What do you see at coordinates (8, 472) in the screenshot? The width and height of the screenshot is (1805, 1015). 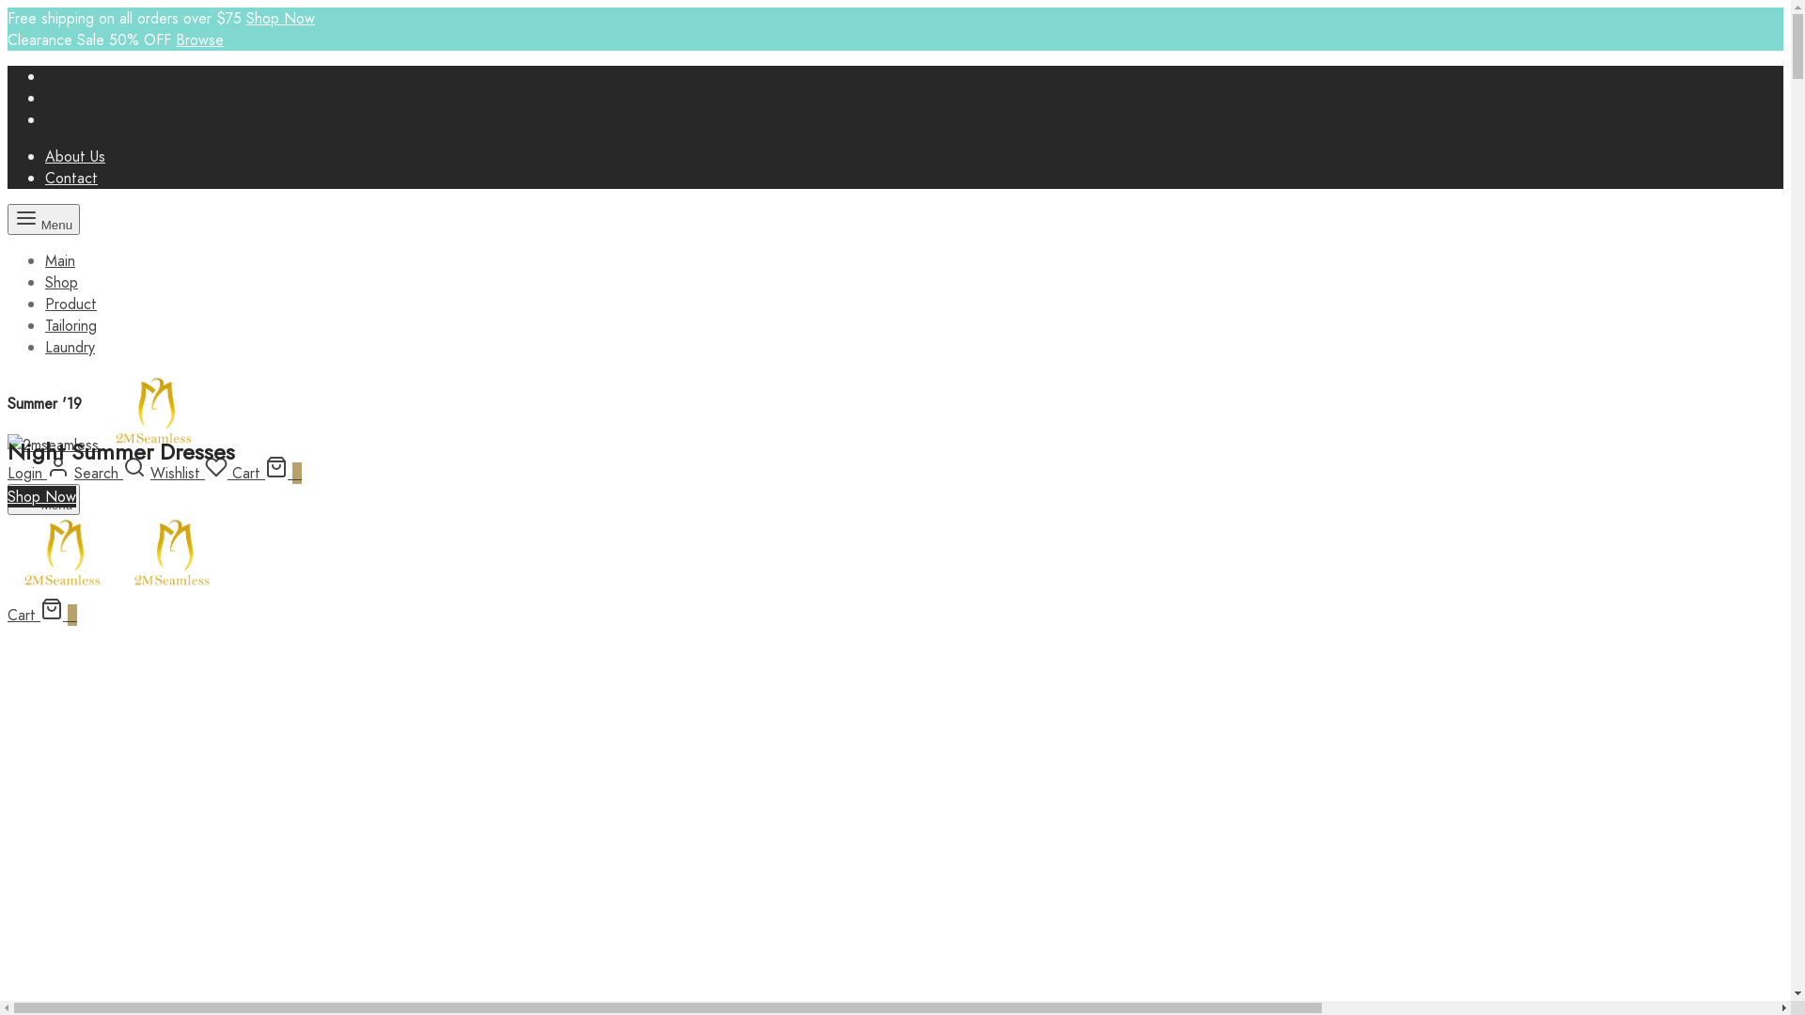 I see `'Login'` at bounding box center [8, 472].